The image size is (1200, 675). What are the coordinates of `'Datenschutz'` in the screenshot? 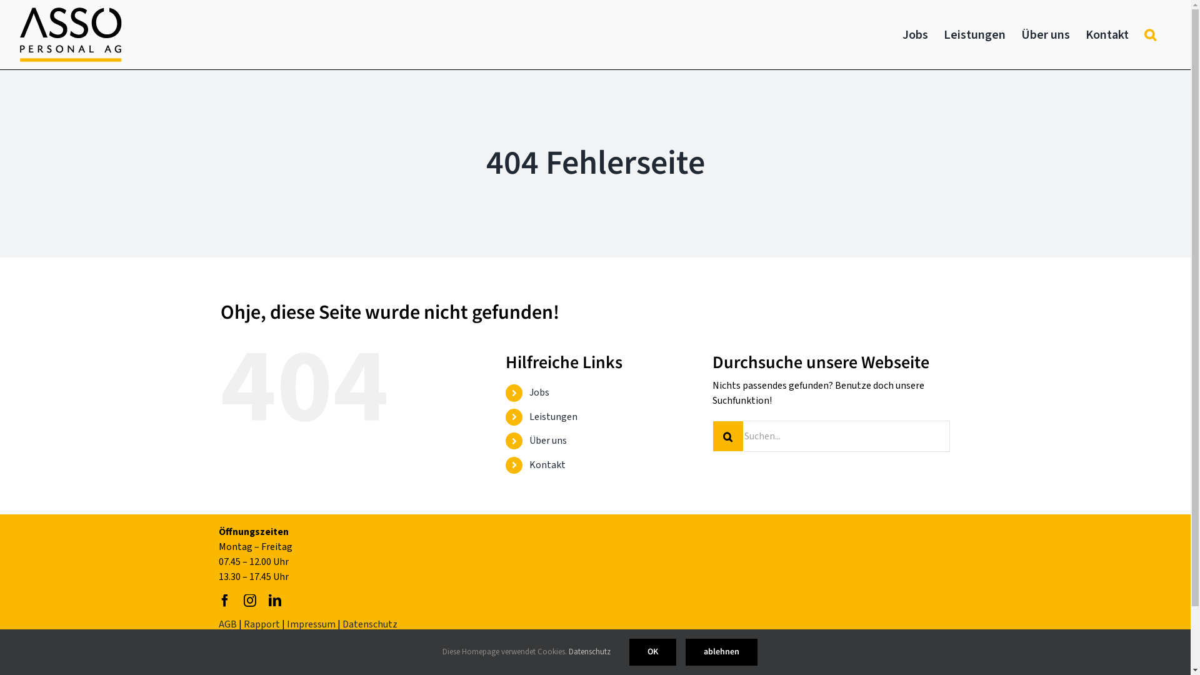 It's located at (589, 651).